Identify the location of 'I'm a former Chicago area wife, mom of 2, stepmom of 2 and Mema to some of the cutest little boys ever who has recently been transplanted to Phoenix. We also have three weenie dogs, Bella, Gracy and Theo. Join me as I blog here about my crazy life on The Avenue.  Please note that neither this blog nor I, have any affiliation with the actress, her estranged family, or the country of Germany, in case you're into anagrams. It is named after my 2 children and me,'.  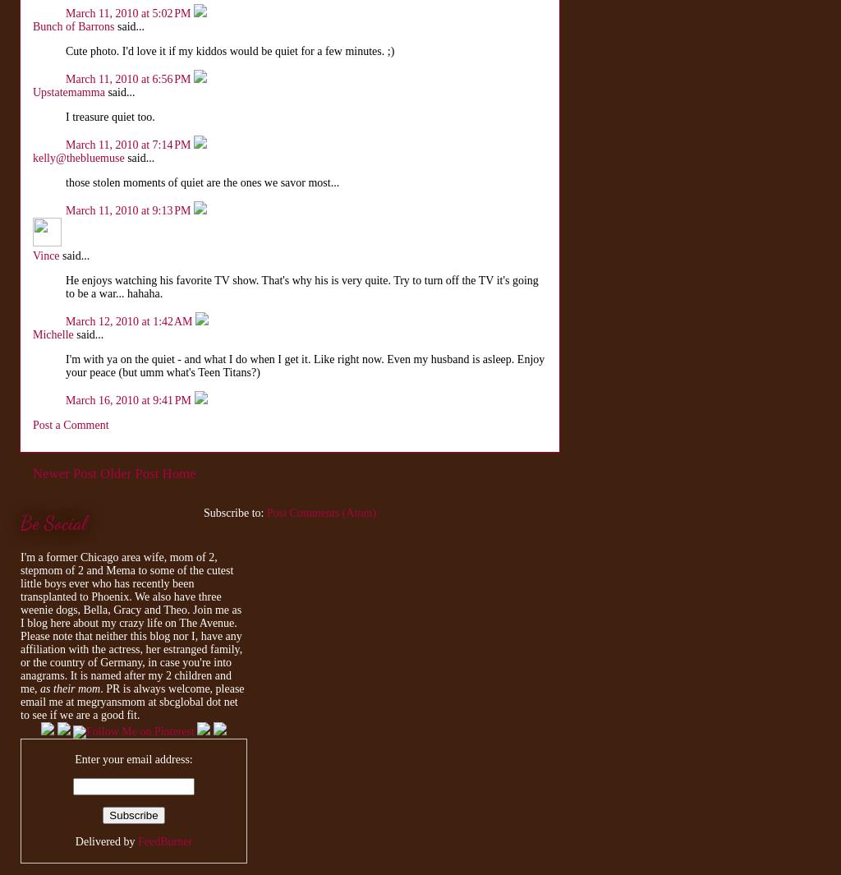
(130, 623).